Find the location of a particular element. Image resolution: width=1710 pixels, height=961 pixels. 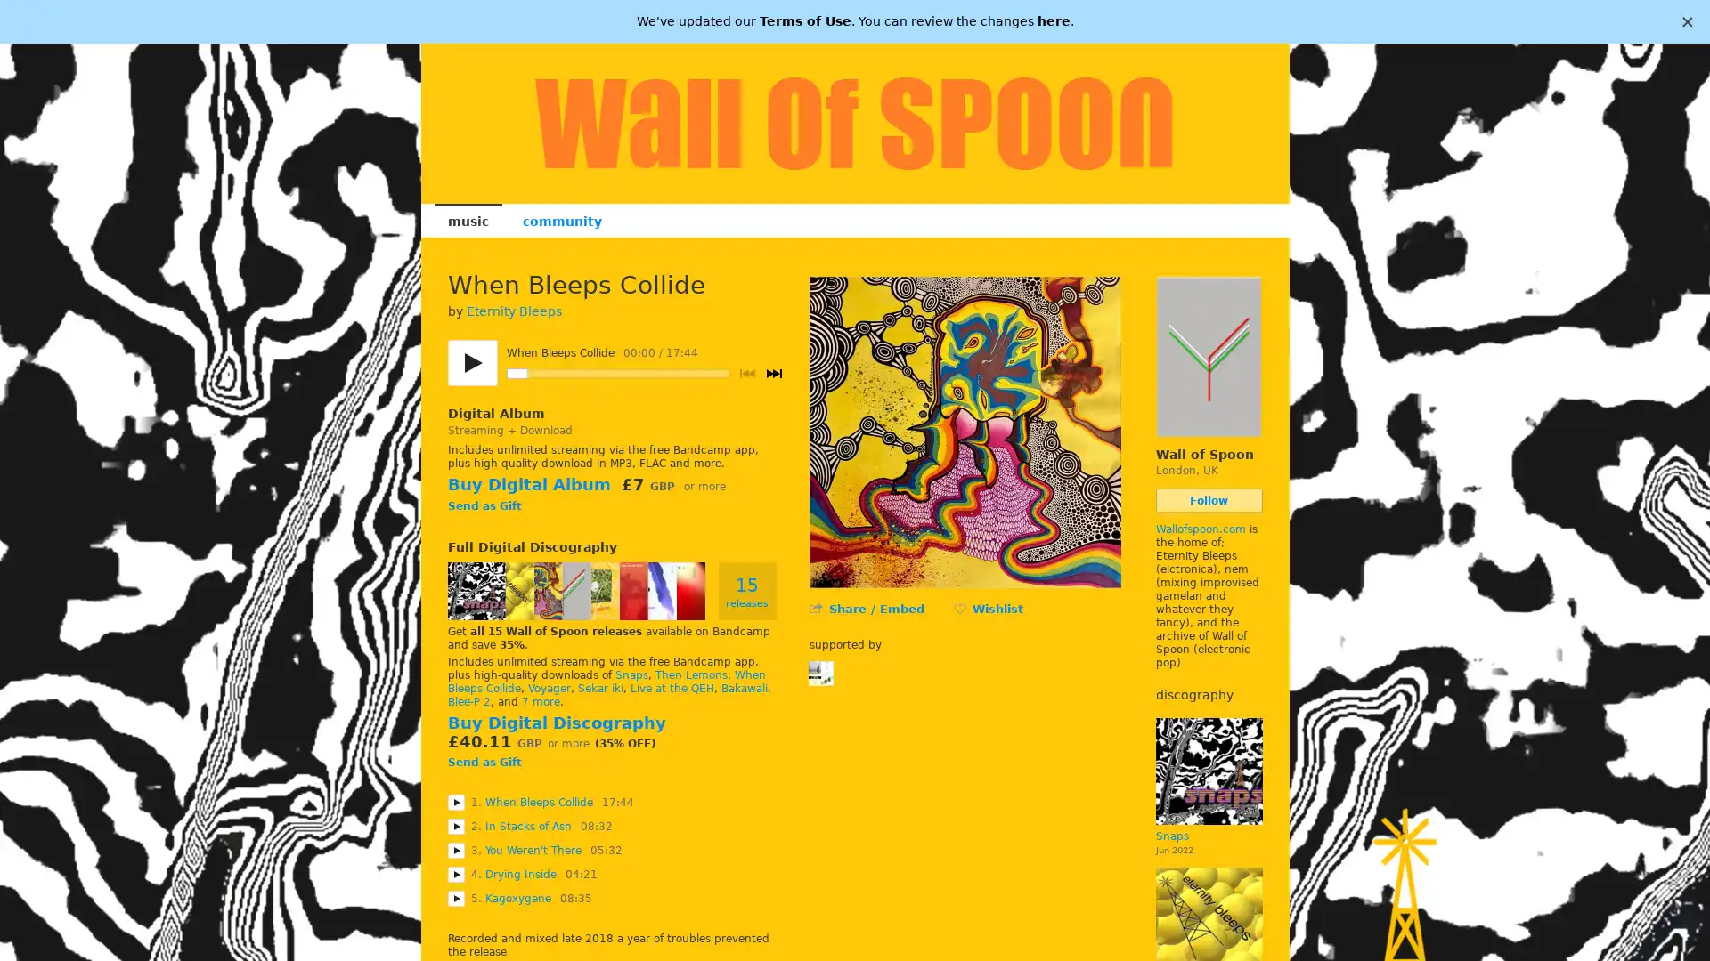

Play/pause is located at coordinates (471, 362).